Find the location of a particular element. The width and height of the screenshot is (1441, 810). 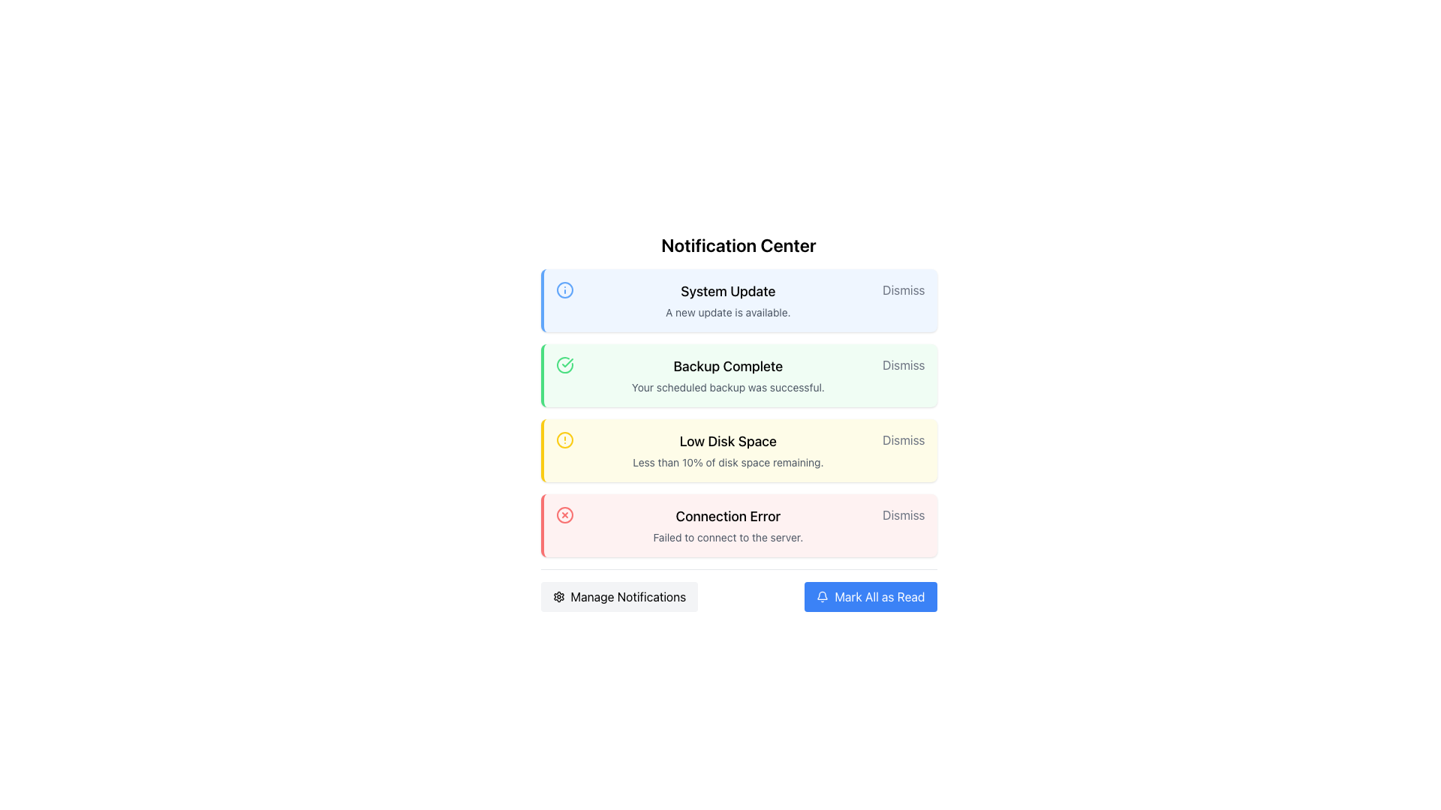

the title Text Label of the second notification which summarizes the message content, located above the descriptive text 'Your scheduled backup was successful.' is located at coordinates (728, 367).